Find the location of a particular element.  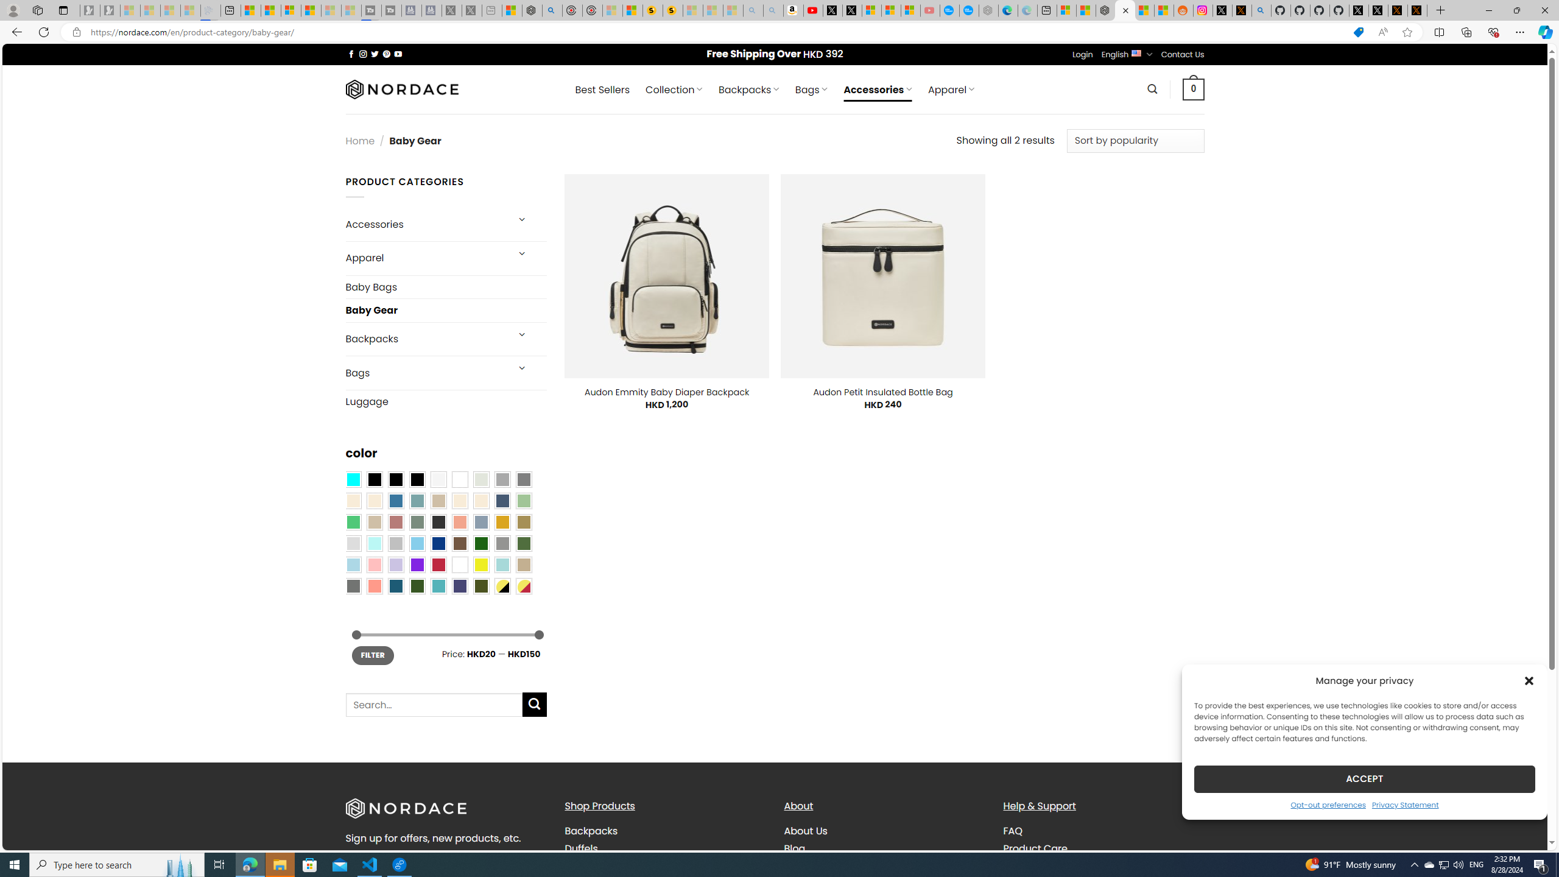

'Black-Brown' is located at coordinates (417, 479).